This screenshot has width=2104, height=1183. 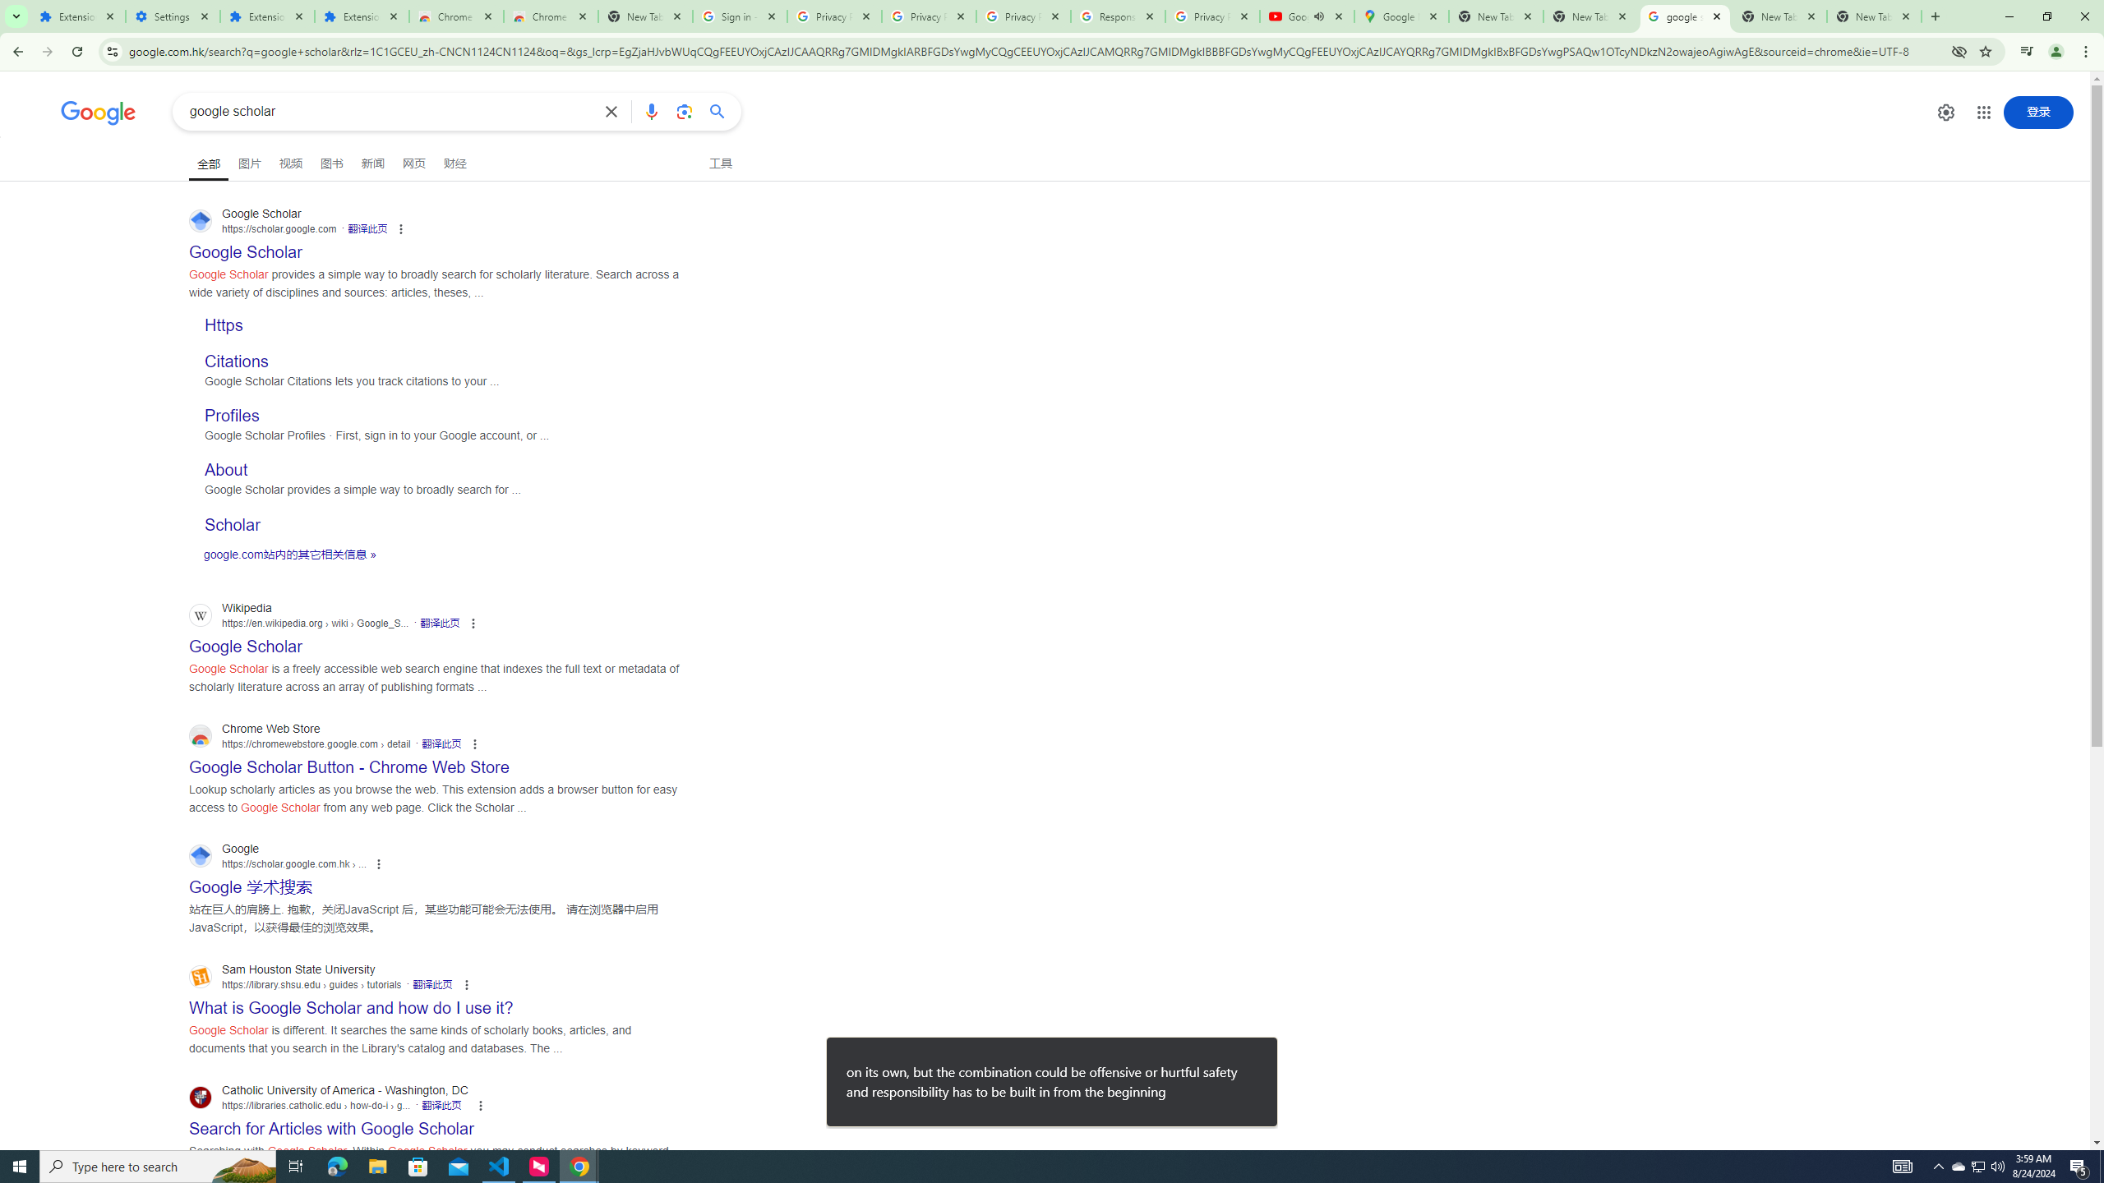 I want to click on 'Scholar', so click(x=231, y=522).